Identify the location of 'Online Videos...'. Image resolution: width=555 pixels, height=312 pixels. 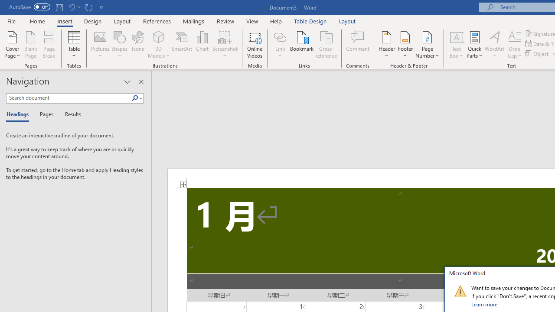
(255, 45).